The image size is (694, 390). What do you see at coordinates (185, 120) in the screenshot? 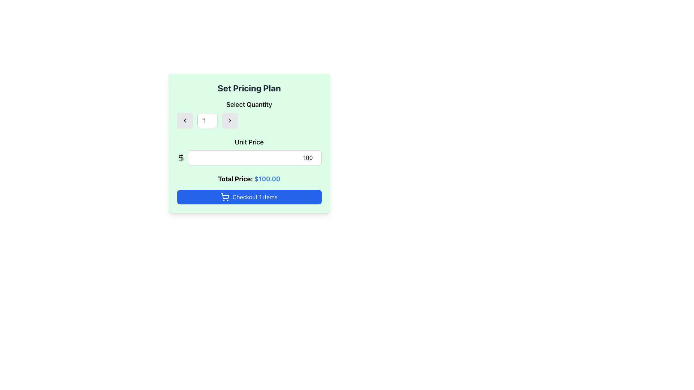
I see `the left-pointing chevron arrow within the first button under the 'Select Quantity' label in the 'Set Pricing Plan' interface` at bounding box center [185, 120].